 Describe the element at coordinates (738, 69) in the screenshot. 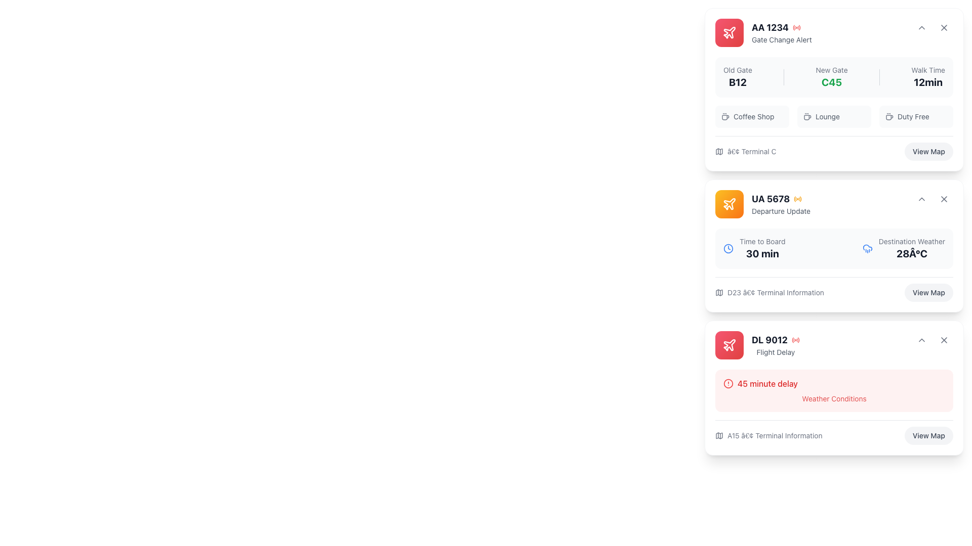

I see `the static text label displaying 'Old Gate' located at the top right section of the flight card for 'AA 1234', which is styled in medium-light gray on a white background and positioned above the 'B12' text` at that location.